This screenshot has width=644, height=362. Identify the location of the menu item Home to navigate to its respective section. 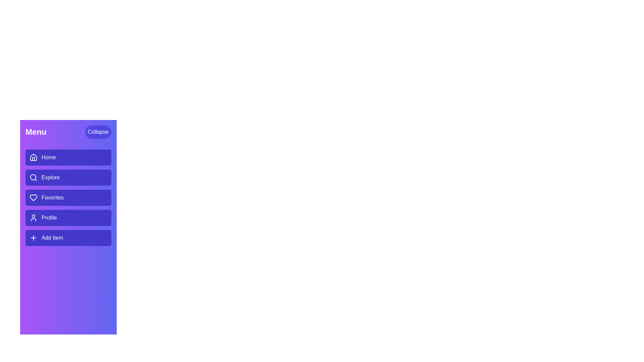
(68, 158).